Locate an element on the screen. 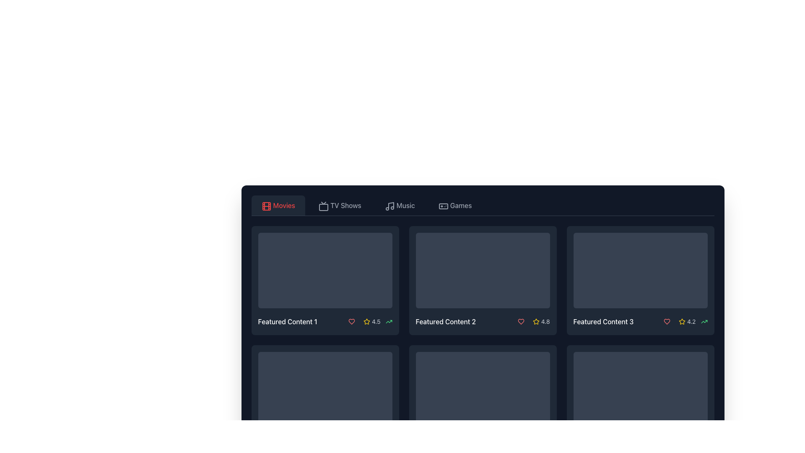 The width and height of the screenshot is (805, 453). the Text Label located in the lower left region of the first content card in the grid view, which serves as the title or label for the associated content is located at coordinates (288, 321).